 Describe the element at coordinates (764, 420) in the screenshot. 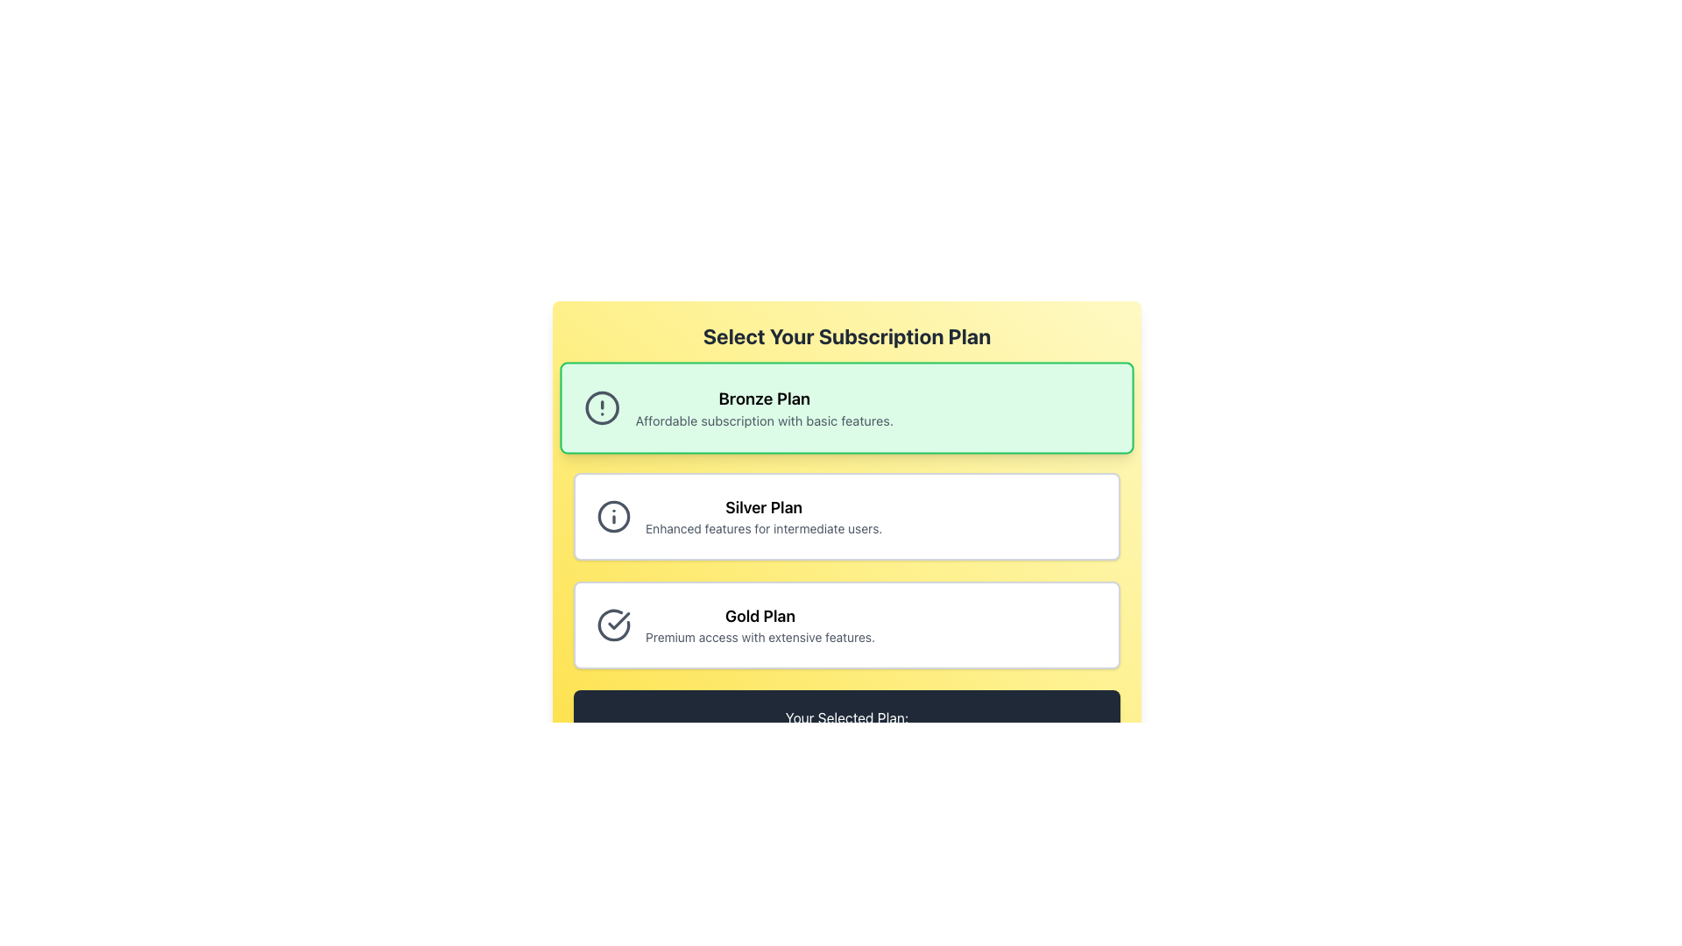

I see `the descriptive text 'Affordable subscription with basic features' located under the 'Bronze Plan' heading within the green-highlighted plan card` at that location.